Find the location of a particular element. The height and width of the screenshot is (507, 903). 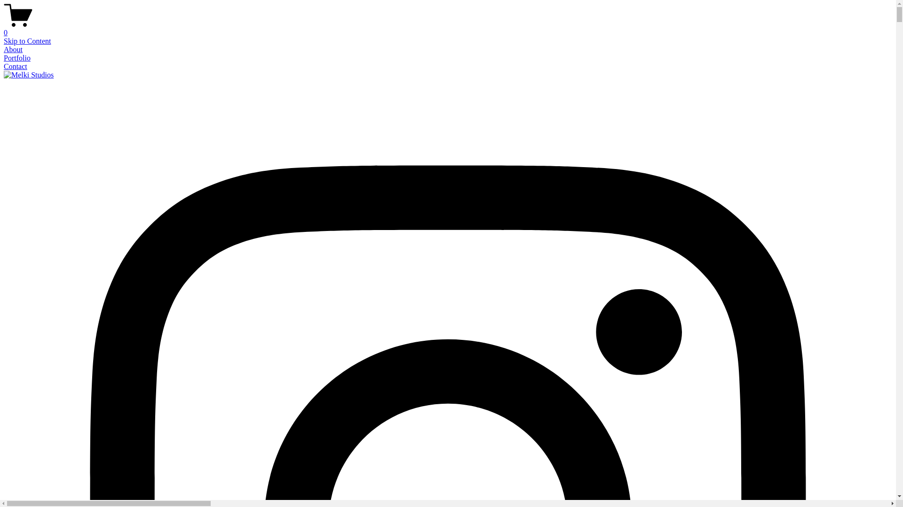

'Contact' is located at coordinates (16, 66).